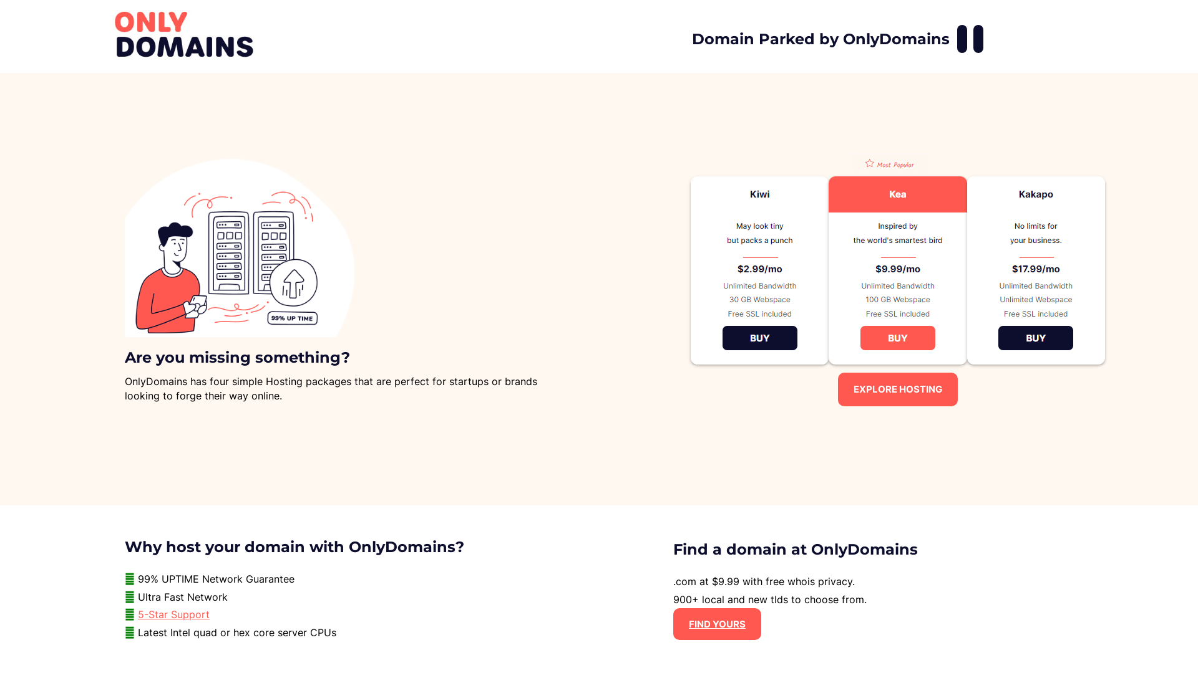 This screenshot has height=673, width=1198. What do you see at coordinates (961, 38) in the screenshot?
I see `'OnlyDomains Facebook'` at bounding box center [961, 38].